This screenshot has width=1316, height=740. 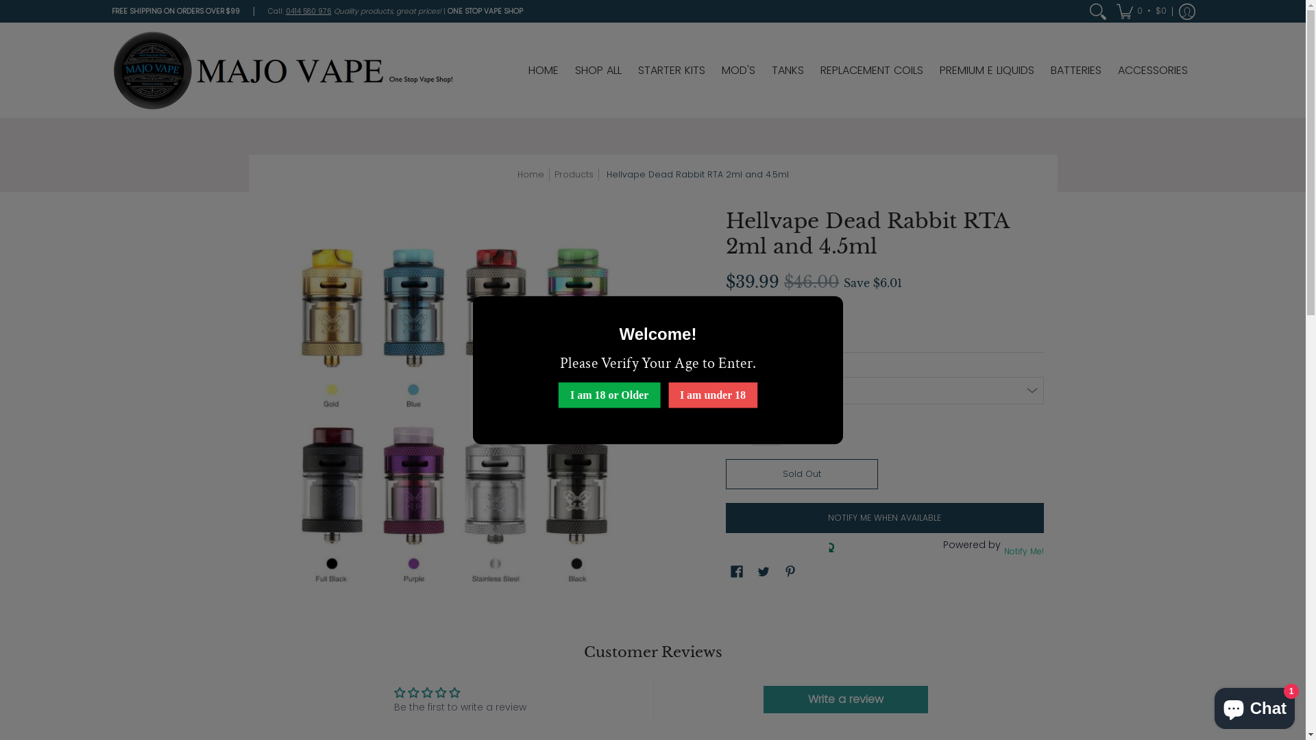 What do you see at coordinates (986, 70) in the screenshot?
I see `'PREMIUM E LIQUIDS'` at bounding box center [986, 70].